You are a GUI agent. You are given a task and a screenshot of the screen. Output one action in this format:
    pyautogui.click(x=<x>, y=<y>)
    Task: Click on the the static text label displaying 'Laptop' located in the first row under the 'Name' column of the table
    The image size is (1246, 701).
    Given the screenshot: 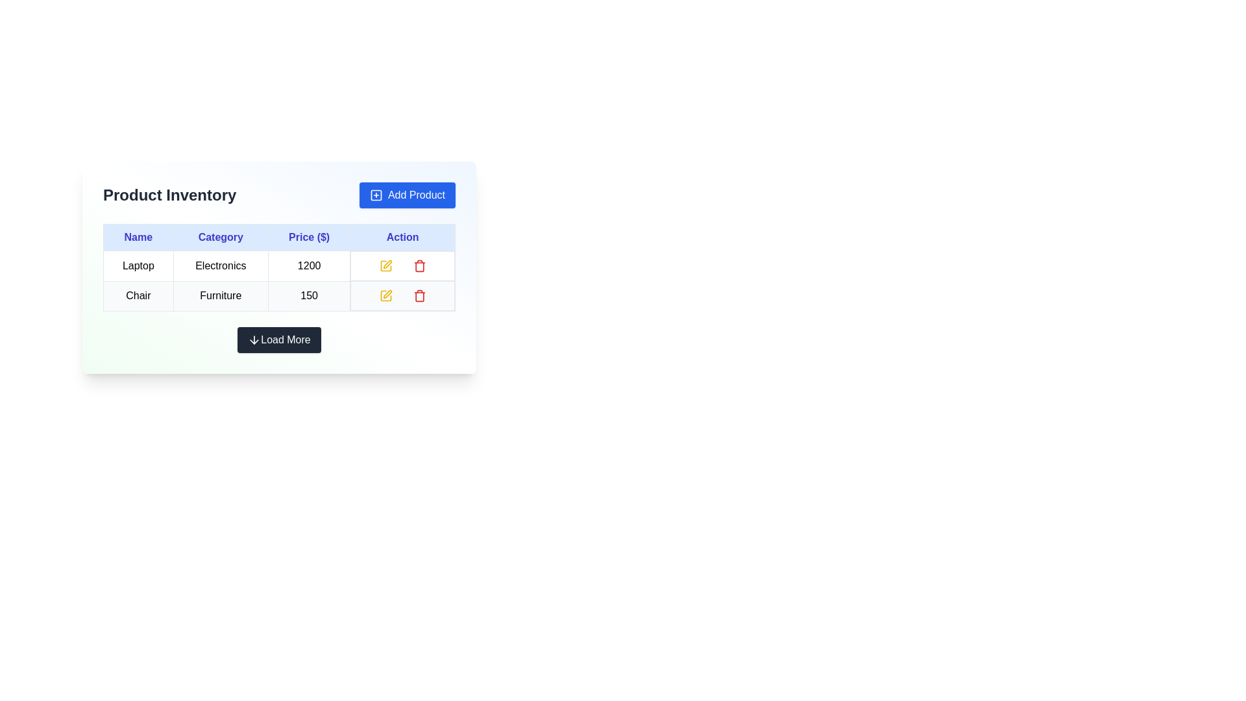 What is the action you would take?
    pyautogui.click(x=138, y=265)
    